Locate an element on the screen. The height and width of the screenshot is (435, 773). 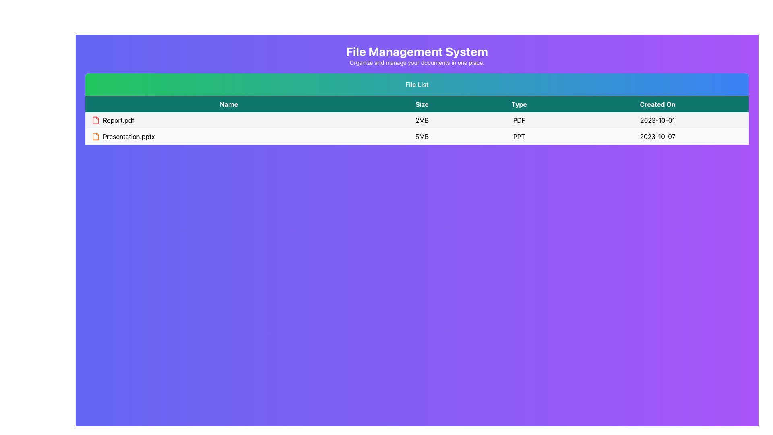
the red document file icon located in the 'File List' table, positioned to the left of the text 'Report.pdf' is located at coordinates (96, 120).